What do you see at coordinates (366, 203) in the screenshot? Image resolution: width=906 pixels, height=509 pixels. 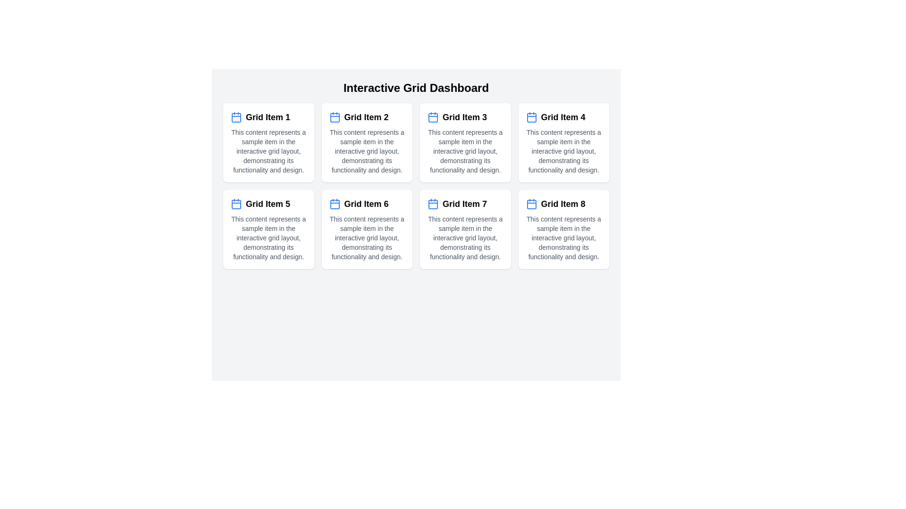 I see `text content of the Text Label with an Icon displaying 'Grid Item 6', located in the sixth grid item in the interactive grid layout` at bounding box center [366, 203].